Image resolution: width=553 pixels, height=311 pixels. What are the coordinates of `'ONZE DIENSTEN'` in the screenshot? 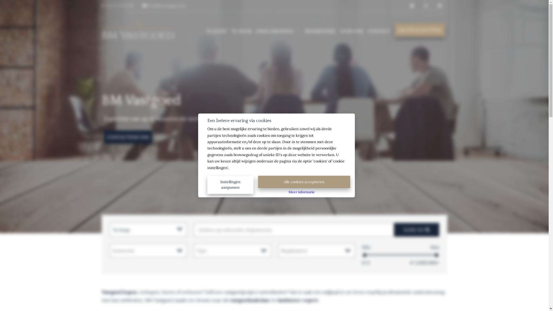 It's located at (278, 30).